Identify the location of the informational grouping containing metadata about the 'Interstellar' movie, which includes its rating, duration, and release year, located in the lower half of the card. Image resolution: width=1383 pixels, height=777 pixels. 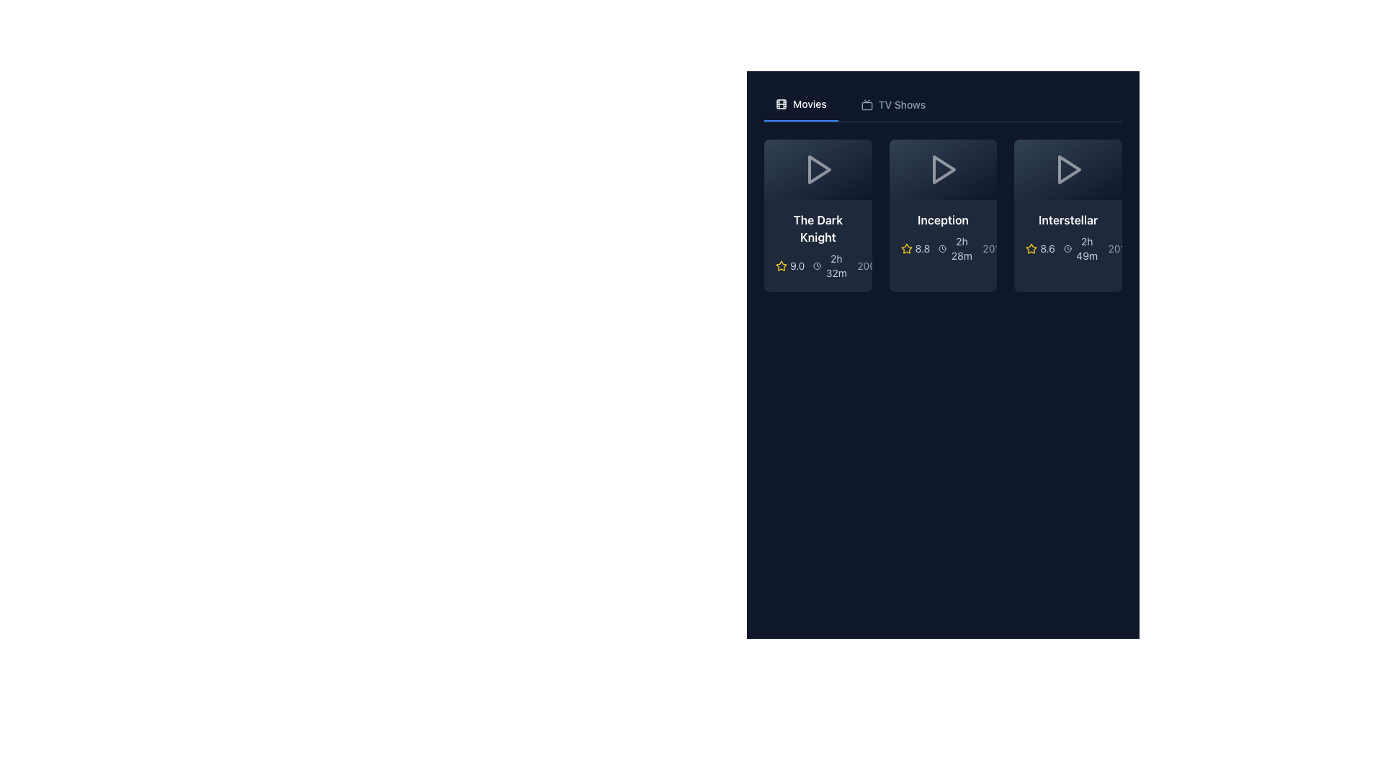
(1068, 248).